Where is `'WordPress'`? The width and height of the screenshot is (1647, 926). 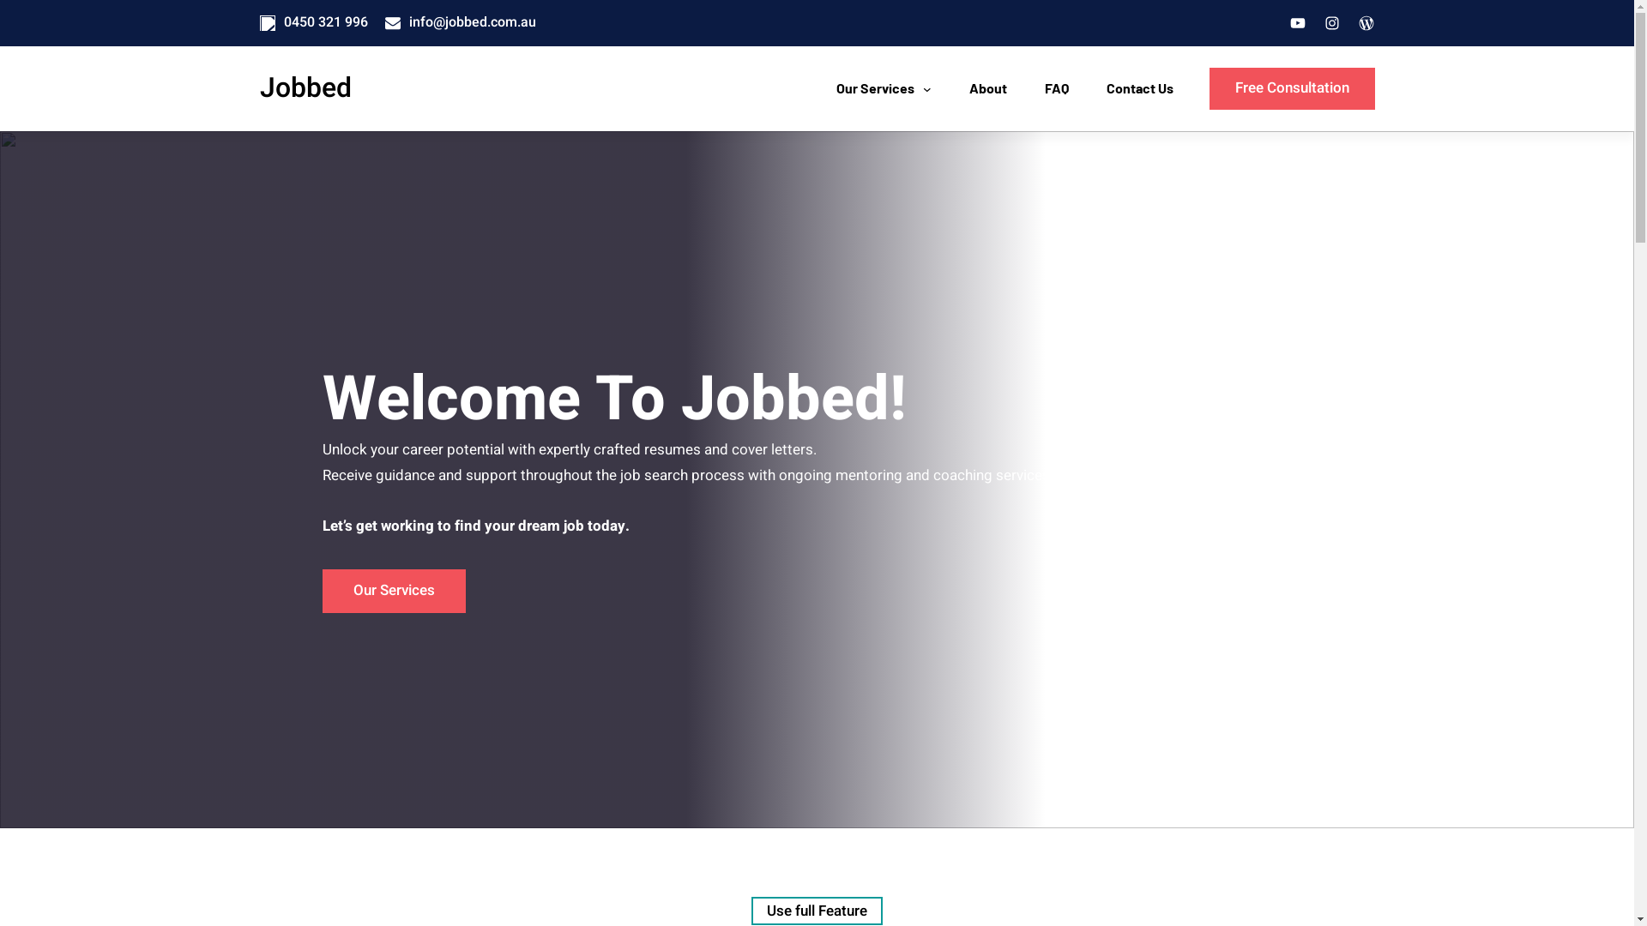 'WordPress' is located at coordinates (1365, 23).